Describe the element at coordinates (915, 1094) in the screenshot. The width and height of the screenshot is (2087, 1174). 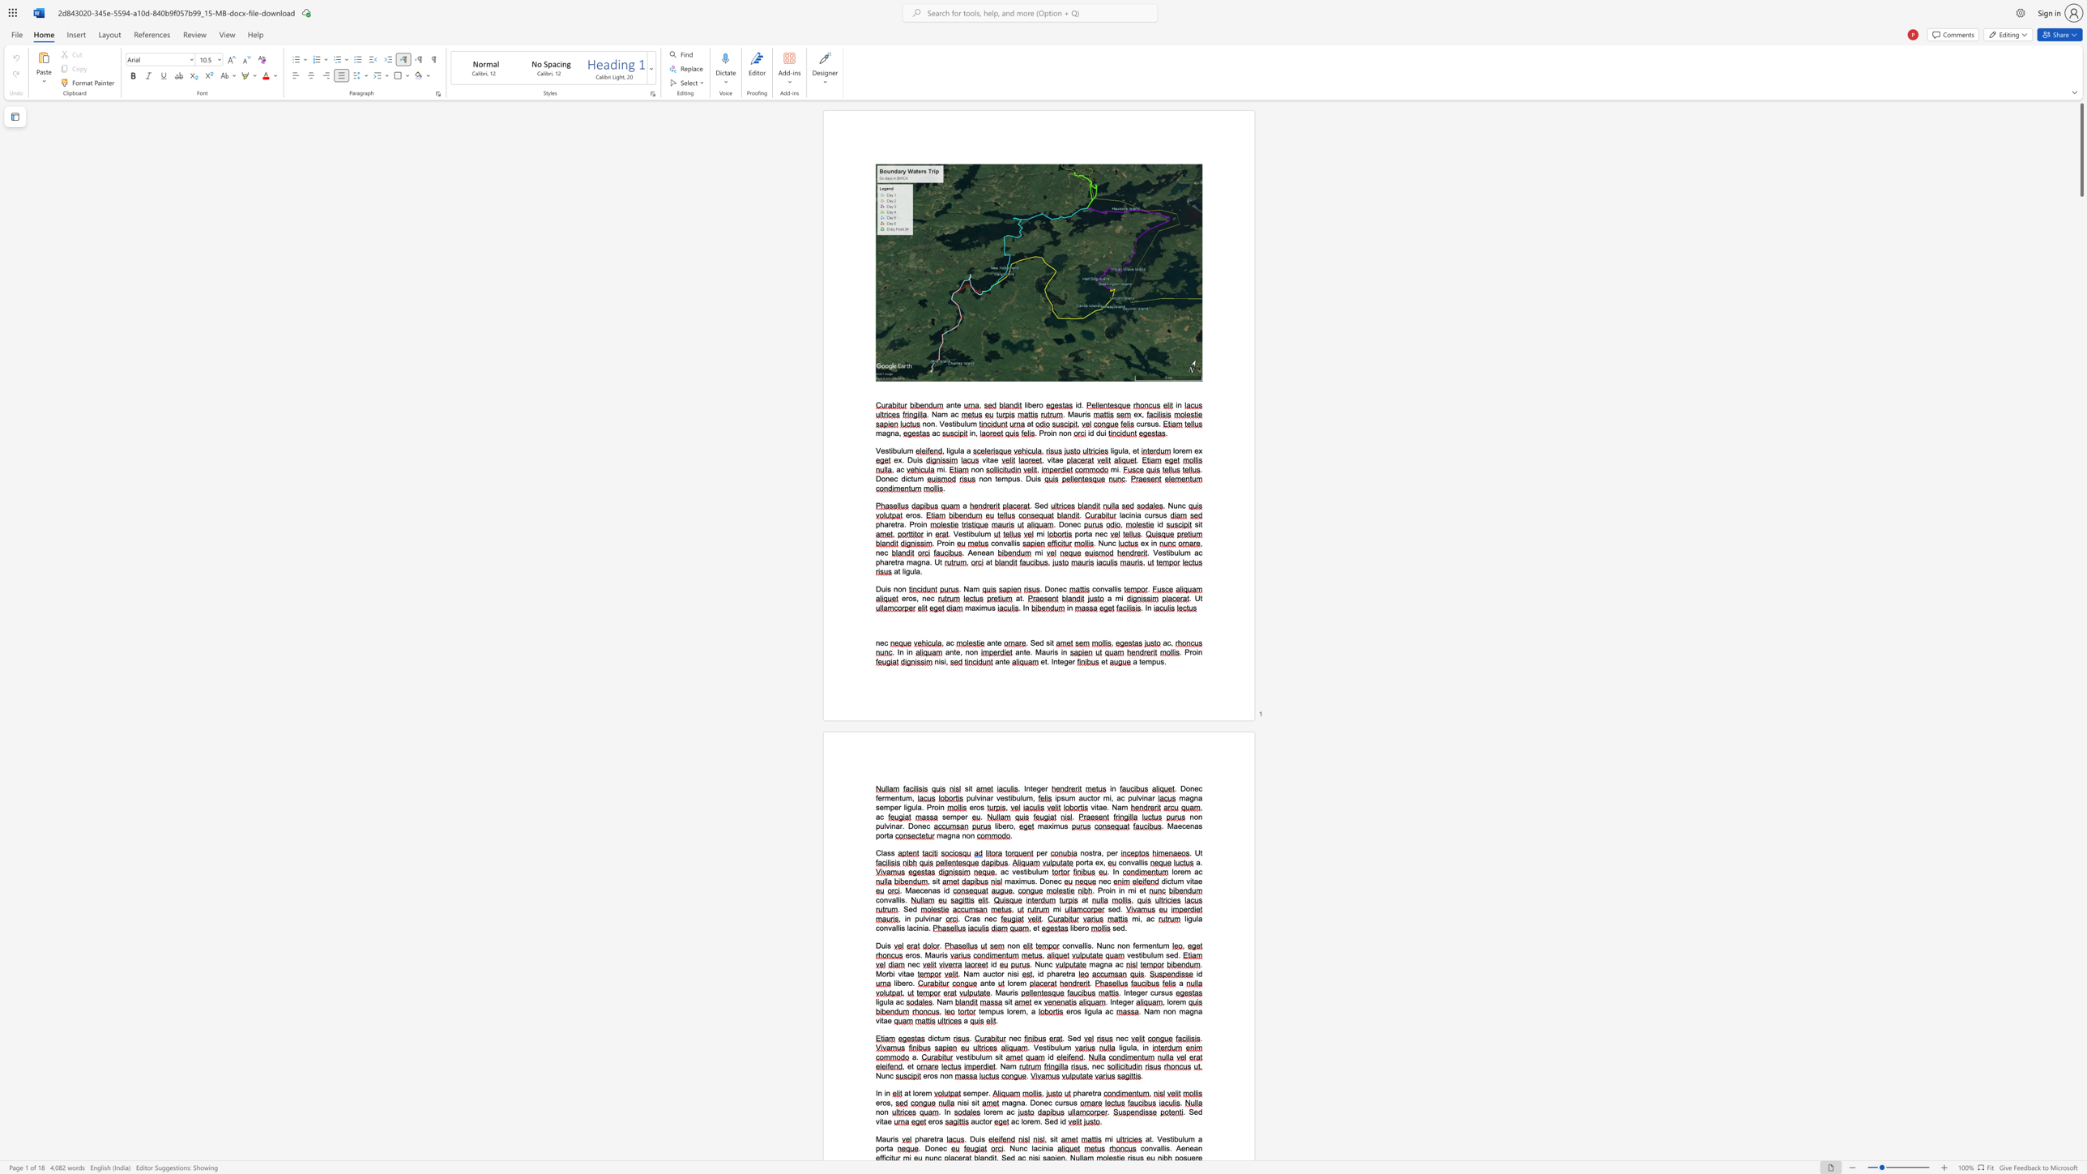
I see `the 1th character "o" in the text` at that location.